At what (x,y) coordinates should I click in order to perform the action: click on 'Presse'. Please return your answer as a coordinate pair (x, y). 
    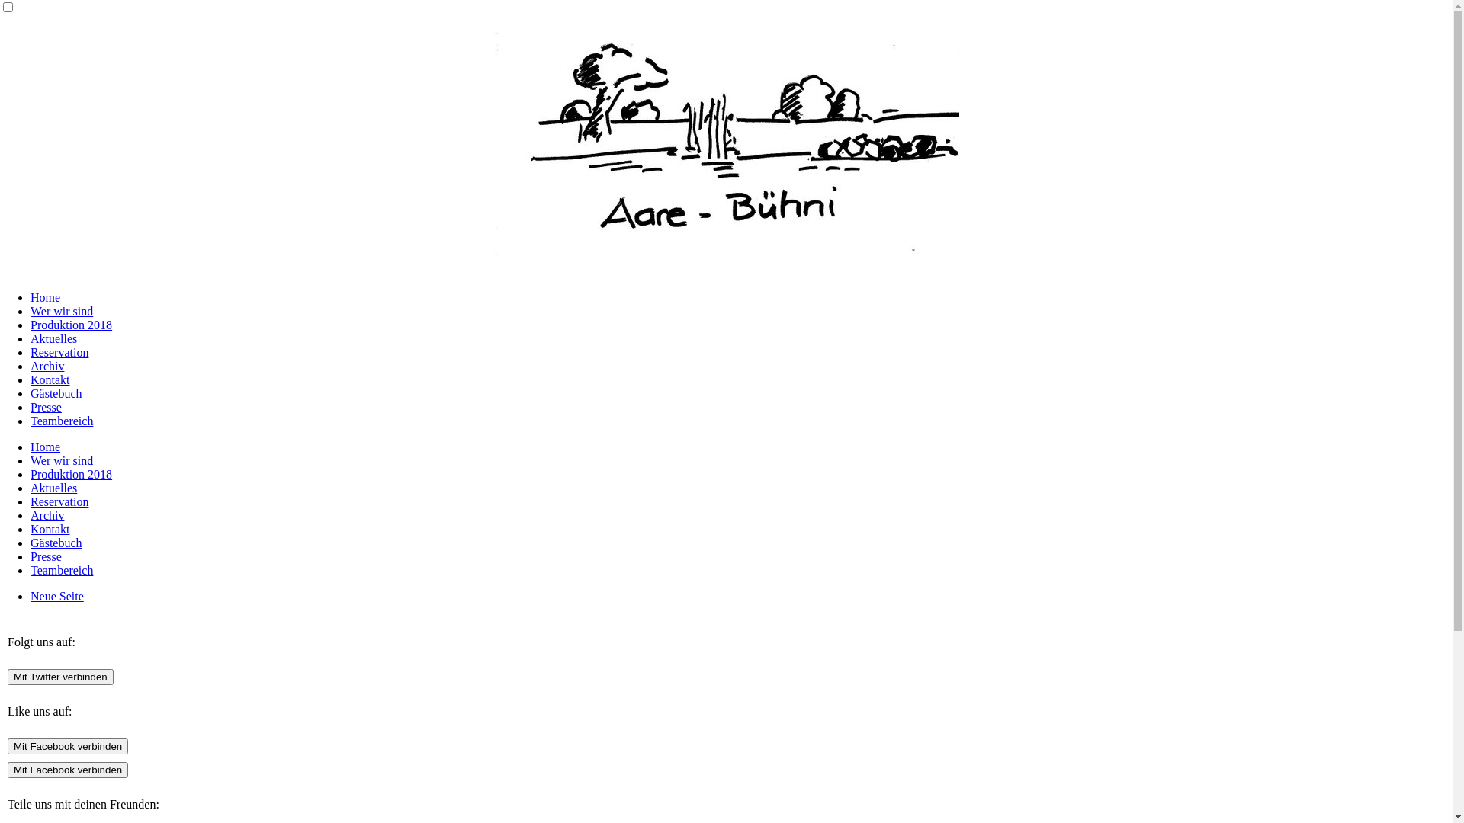
    Looking at the image, I should click on (30, 406).